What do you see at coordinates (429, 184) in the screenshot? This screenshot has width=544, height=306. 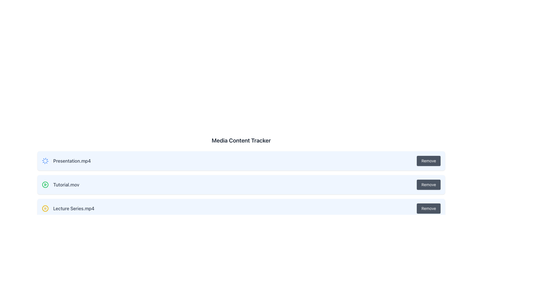 I see `the 'Remove' button associated with the file entry 'Tutorial.mov'` at bounding box center [429, 184].